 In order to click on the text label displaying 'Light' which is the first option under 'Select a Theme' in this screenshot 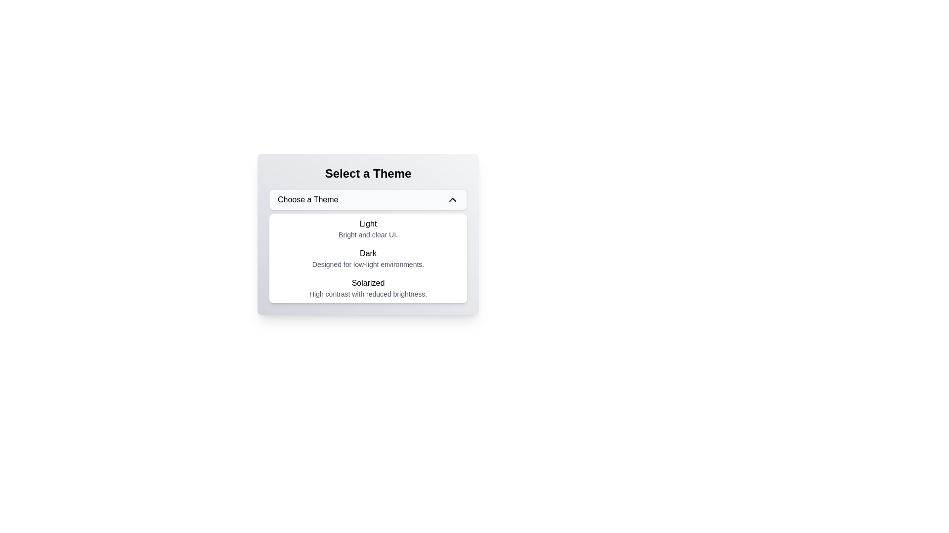, I will do `click(367, 224)`.